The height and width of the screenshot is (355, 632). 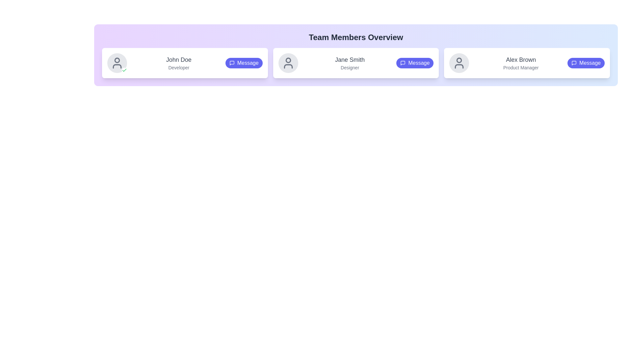 I want to click on the user SVG Icon that represents an individual in the leftmost team member card, which is located to the left of the name and role text components, so click(x=117, y=63).